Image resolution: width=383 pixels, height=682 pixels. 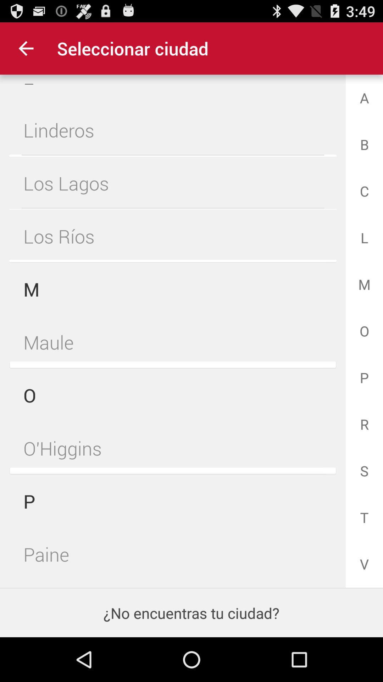 I want to click on icon next to v item, so click(x=173, y=552).